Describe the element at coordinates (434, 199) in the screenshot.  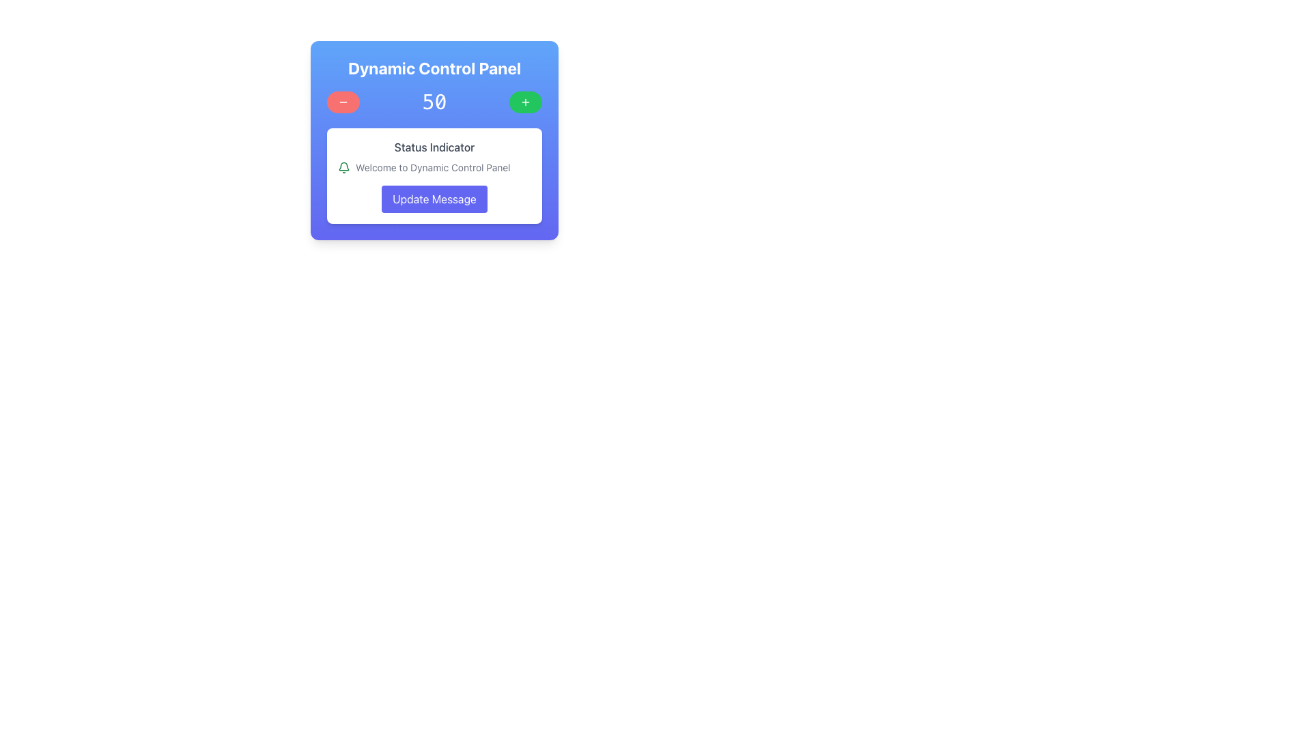
I see `the 'Update Message' button with a gradient indigo background` at that location.